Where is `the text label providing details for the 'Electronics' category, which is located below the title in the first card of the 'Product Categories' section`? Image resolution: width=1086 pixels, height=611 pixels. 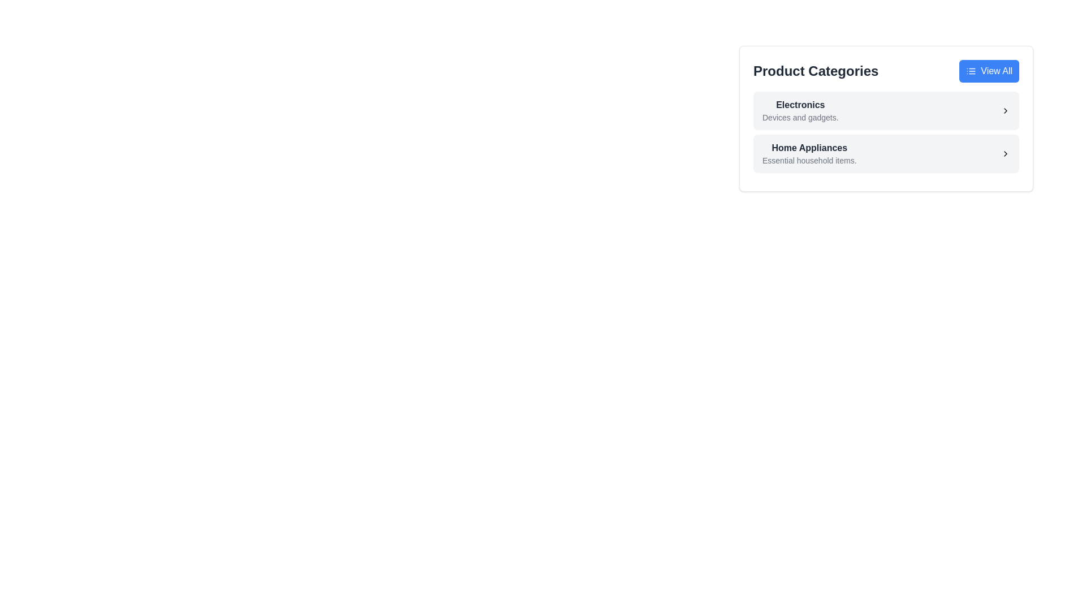 the text label providing details for the 'Electronics' category, which is located below the title in the first card of the 'Product Categories' section is located at coordinates (800, 118).